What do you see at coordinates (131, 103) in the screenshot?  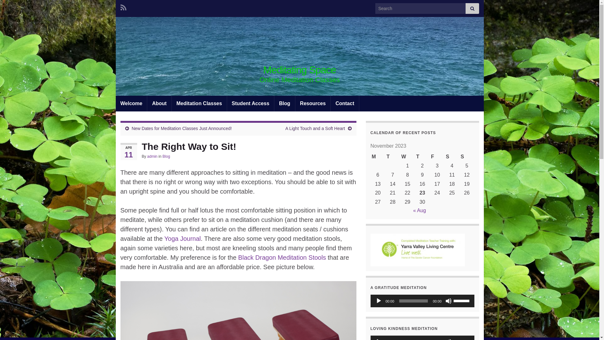 I see `'Welcome'` at bounding box center [131, 103].